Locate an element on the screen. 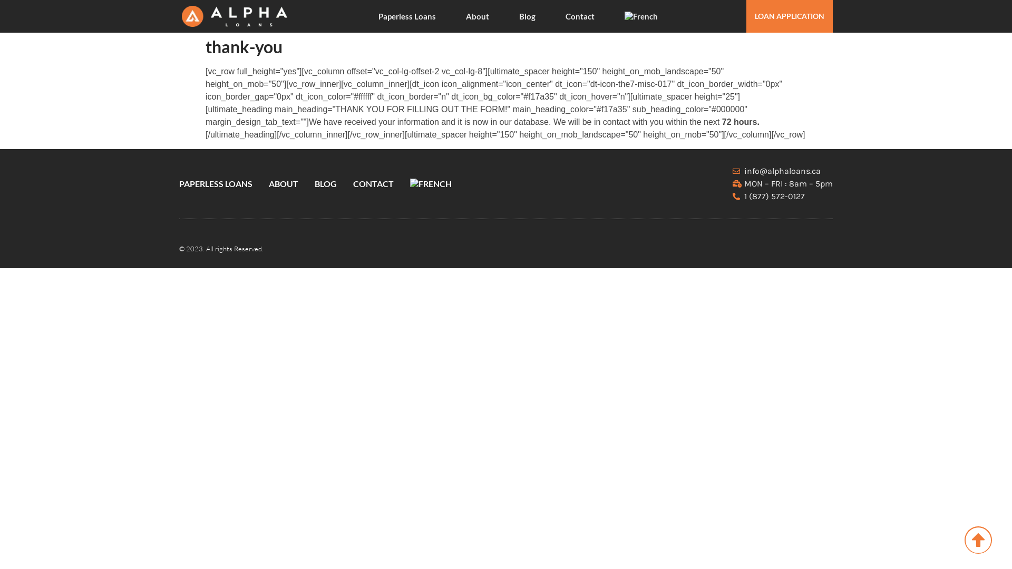 This screenshot has height=569, width=1012. 'PAPERLESS LOANS' is located at coordinates (215, 183).